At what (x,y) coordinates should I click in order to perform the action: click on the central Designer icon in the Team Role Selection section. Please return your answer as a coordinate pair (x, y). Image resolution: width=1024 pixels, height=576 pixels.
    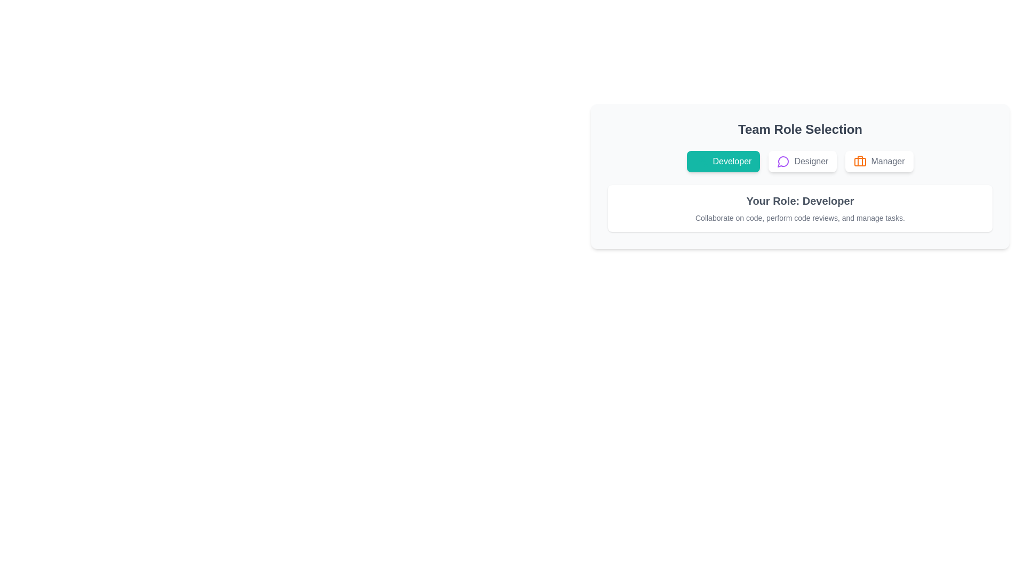
    Looking at the image, I should click on (783, 162).